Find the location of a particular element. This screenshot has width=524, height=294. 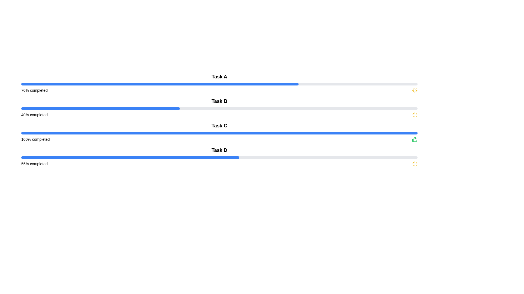

progress information from the Progress Indicator titled 'Task B', which displays '40% completed' and shows a blue and gray progress bar is located at coordinates (219, 107).